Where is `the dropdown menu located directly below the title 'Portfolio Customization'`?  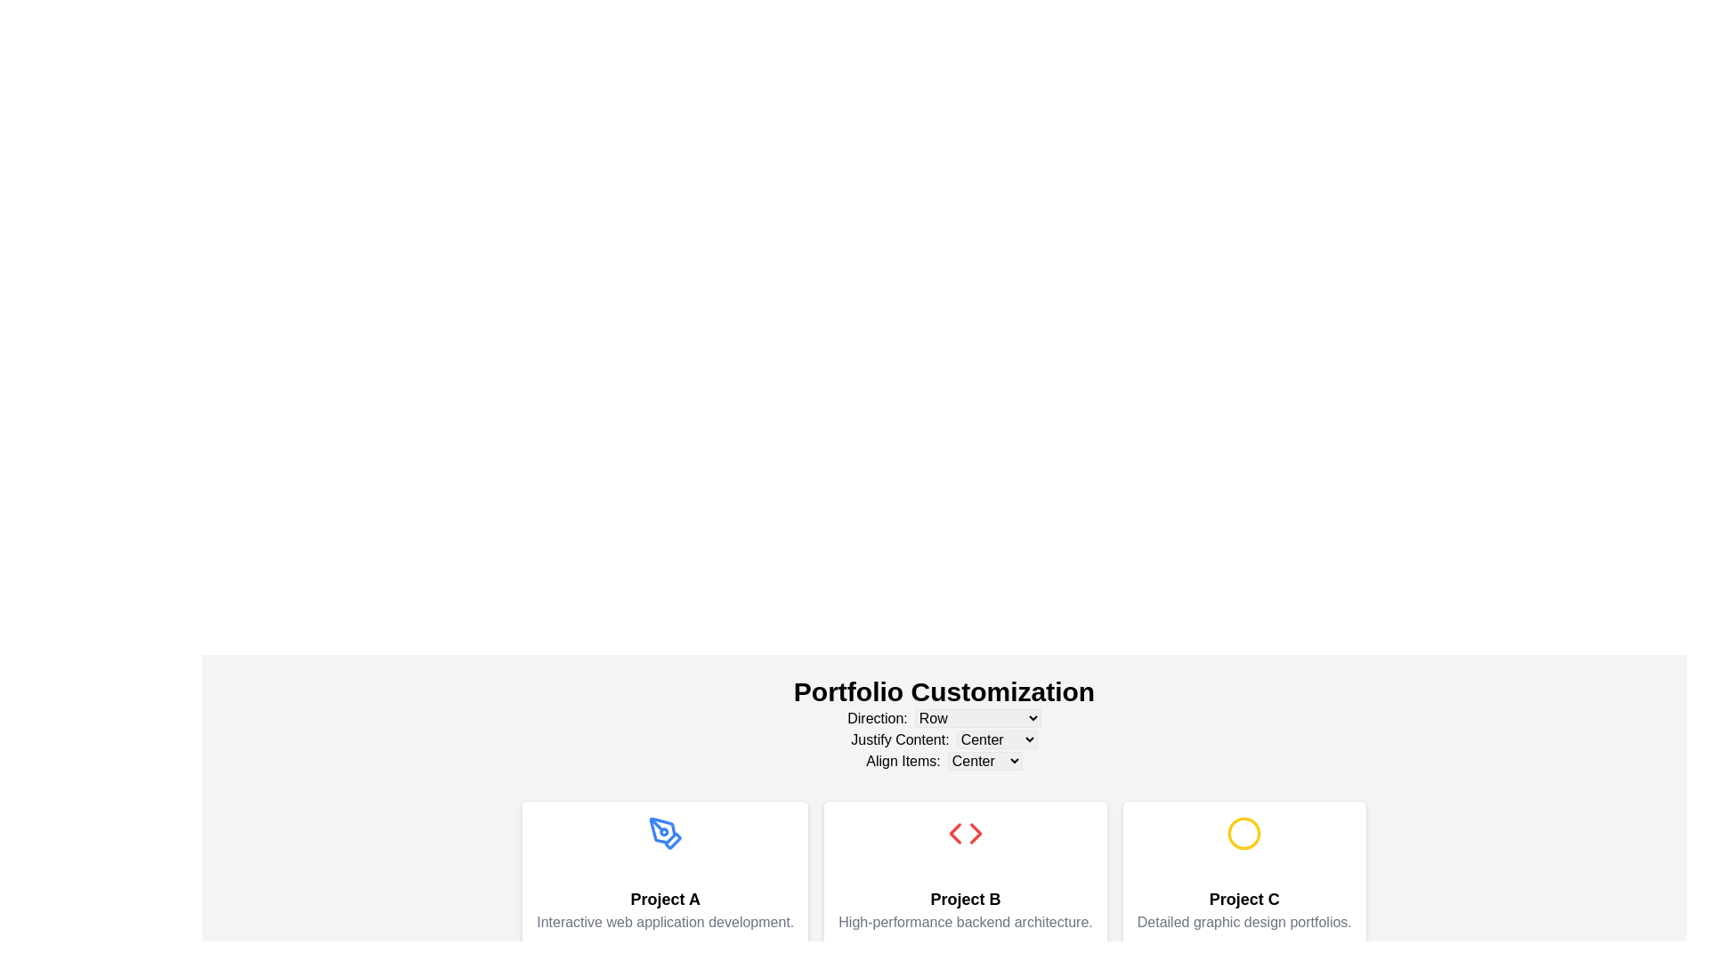 the dropdown menu located directly below the title 'Portfolio Customization' is located at coordinates (943, 717).